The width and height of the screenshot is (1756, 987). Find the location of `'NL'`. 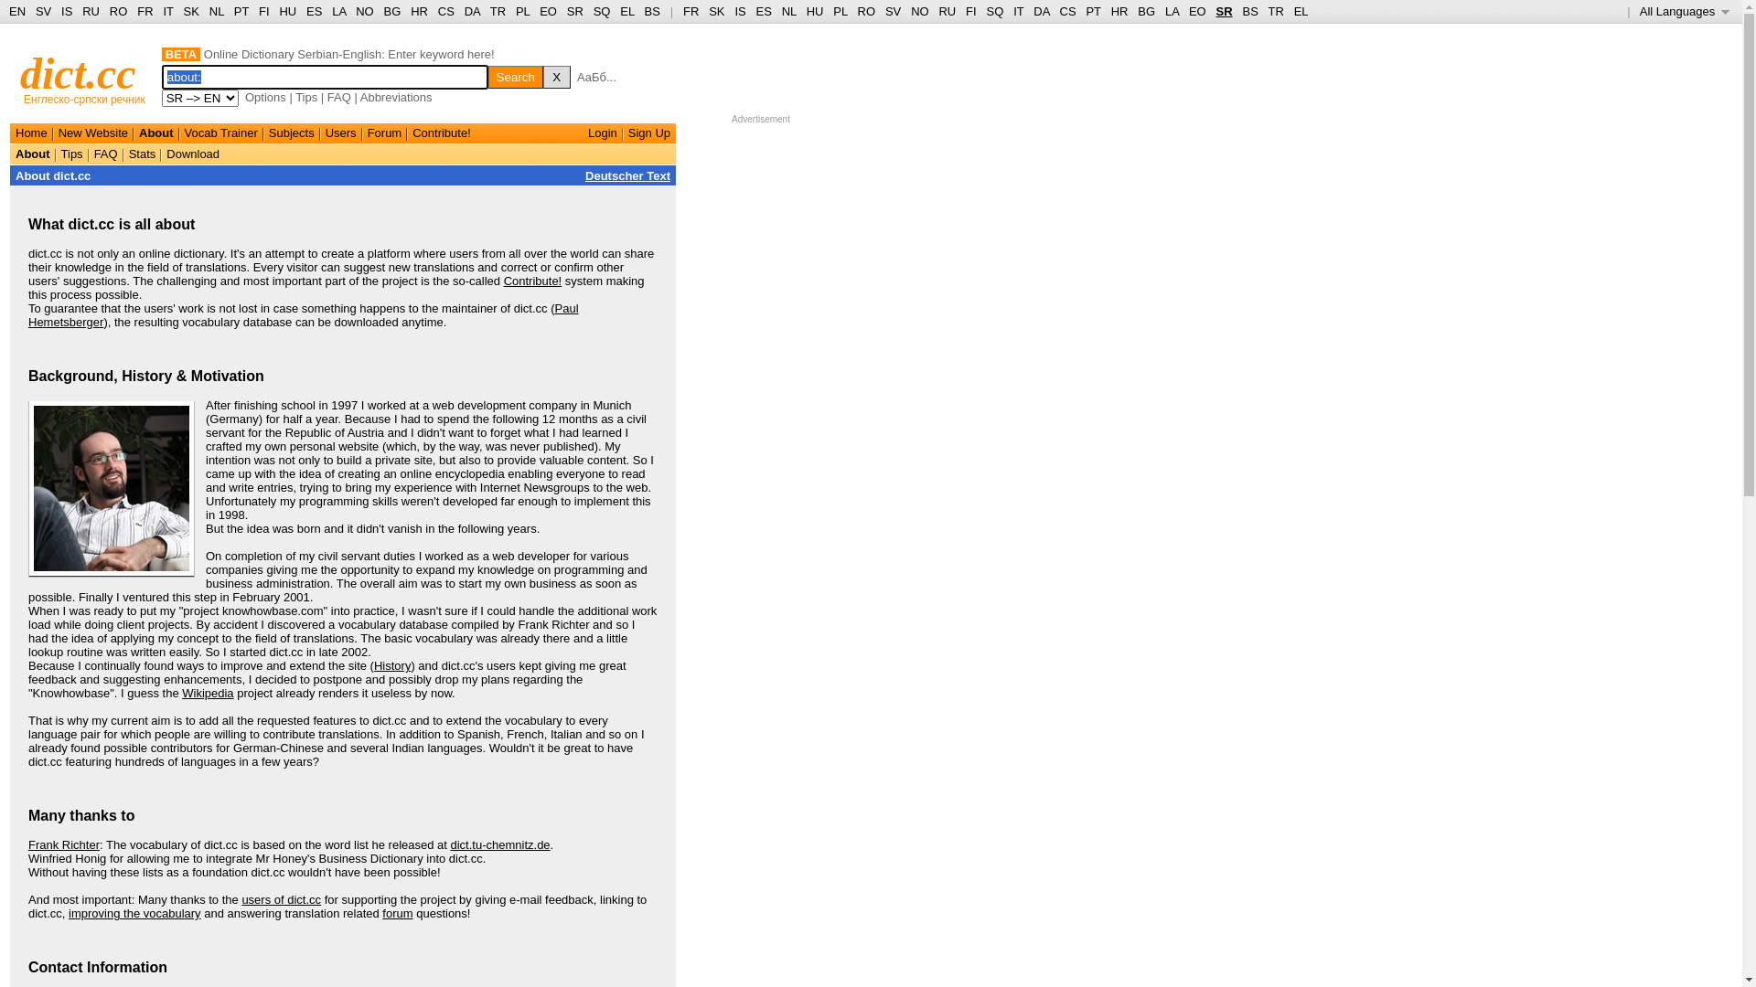

'NL' is located at coordinates (789, 11).